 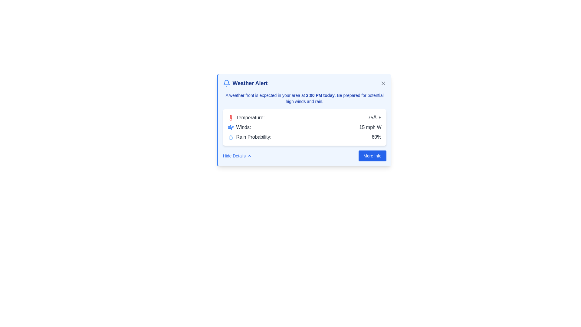 What do you see at coordinates (230, 118) in the screenshot?
I see `the temperature icon located in the middle of the weather alert card, next to the label 'Temperature'` at bounding box center [230, 118].